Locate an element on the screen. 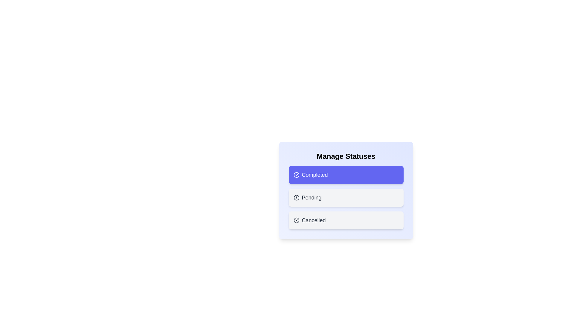  the status chip labeled Cancelled is located at coordinates (346, 220).